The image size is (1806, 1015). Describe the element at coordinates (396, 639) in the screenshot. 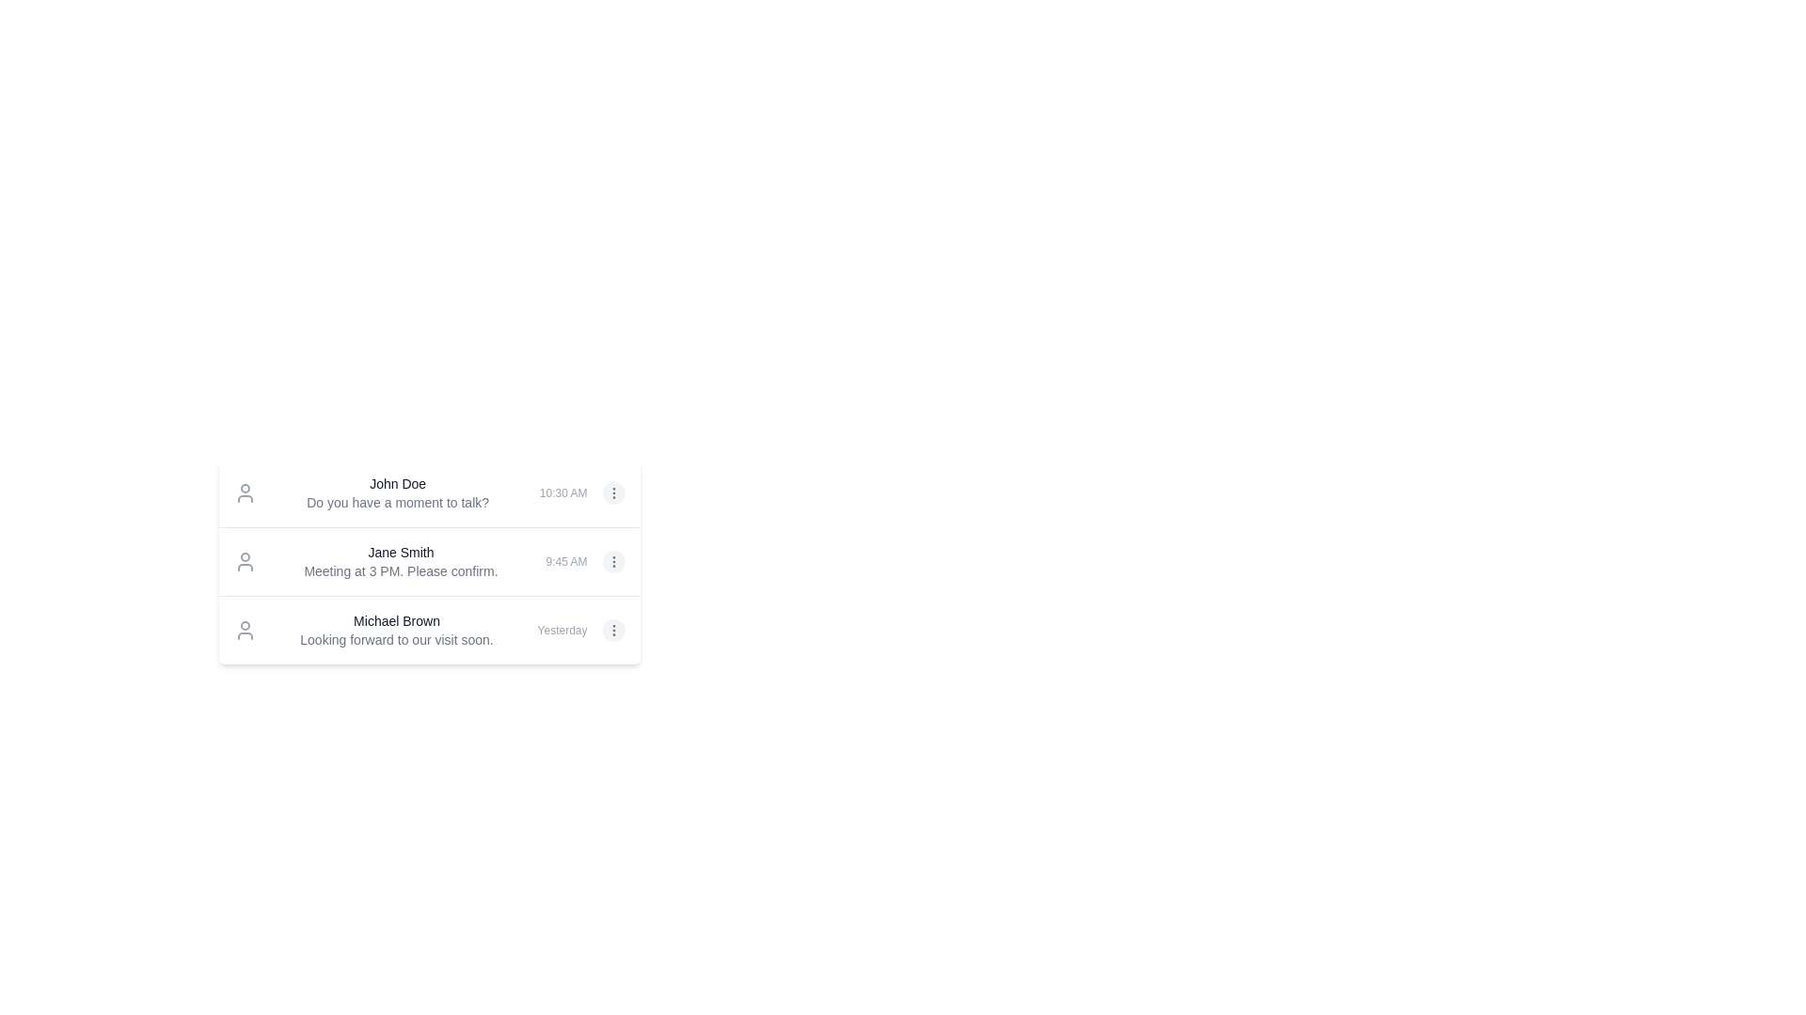

I see `text content of the text display field that shows 'Looking forward to our visit soon.' positioned below the name 'Michael Brown' in the user list` at that location.